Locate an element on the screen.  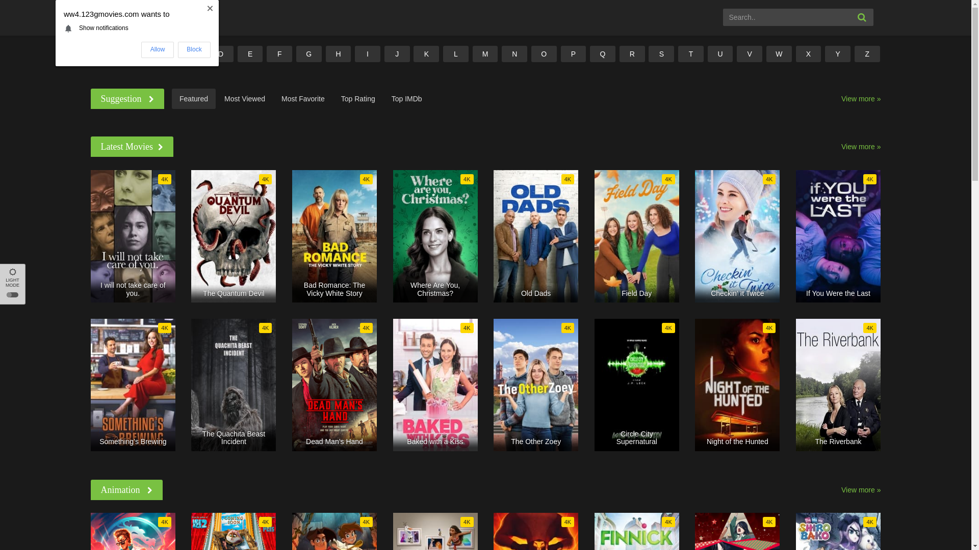
'4K is located at coordinates (233, 236).